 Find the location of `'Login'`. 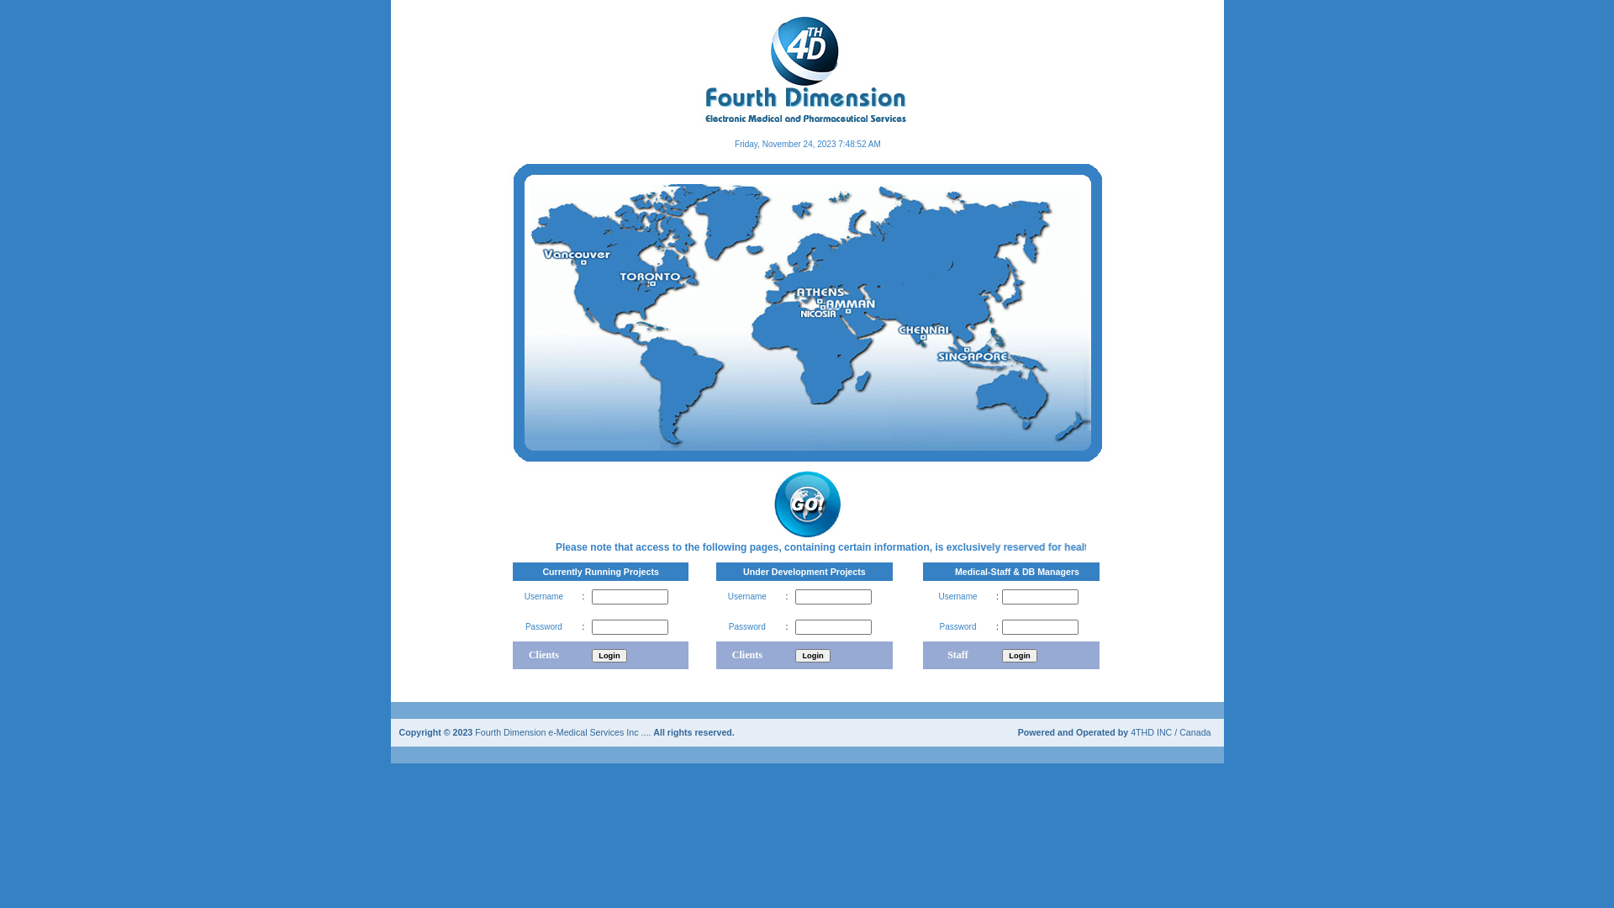

'Login' is located at coordinates (1018, 654).